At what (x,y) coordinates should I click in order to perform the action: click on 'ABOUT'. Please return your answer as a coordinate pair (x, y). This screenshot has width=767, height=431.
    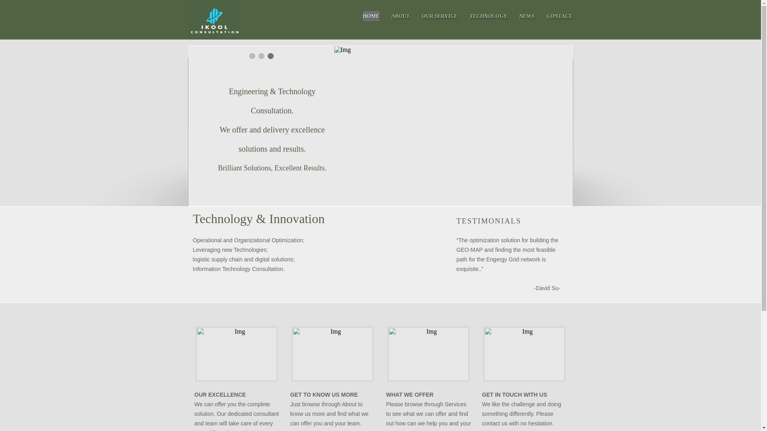
    Looking at the image, I should click on (401, 16).